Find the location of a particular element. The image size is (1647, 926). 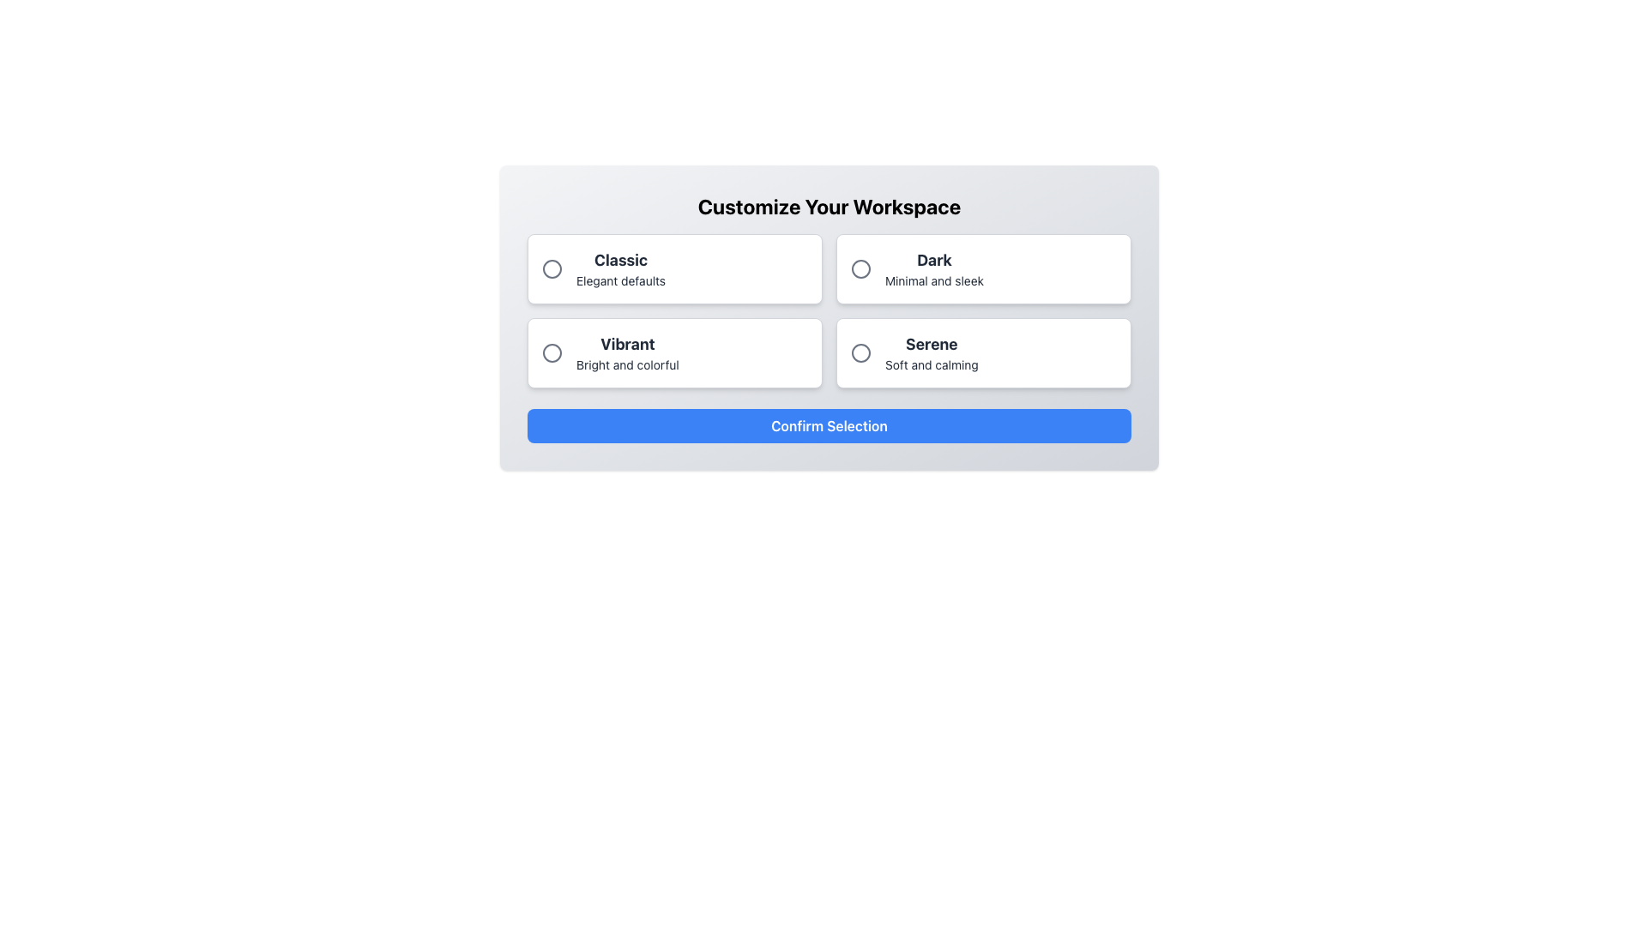

the Text Label that describes the 'Serene' workspace theme option, located below the 'Serene' label in the bottom-right quadrant of the workspace customization options grid is located at coordinates (931, 364).